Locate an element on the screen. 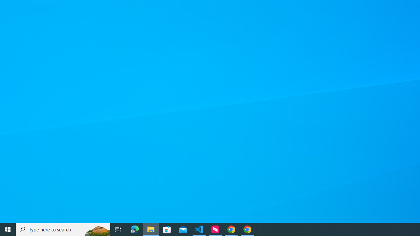  'Start' is located at coordinates (8, 229).